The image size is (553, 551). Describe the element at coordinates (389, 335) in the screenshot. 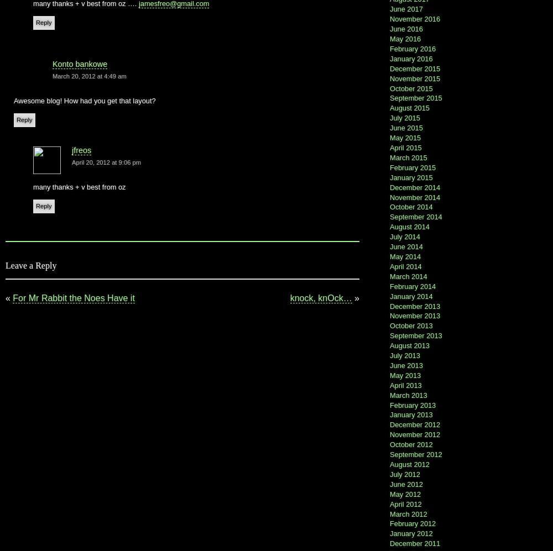

I see `'September 2013'` at that location.